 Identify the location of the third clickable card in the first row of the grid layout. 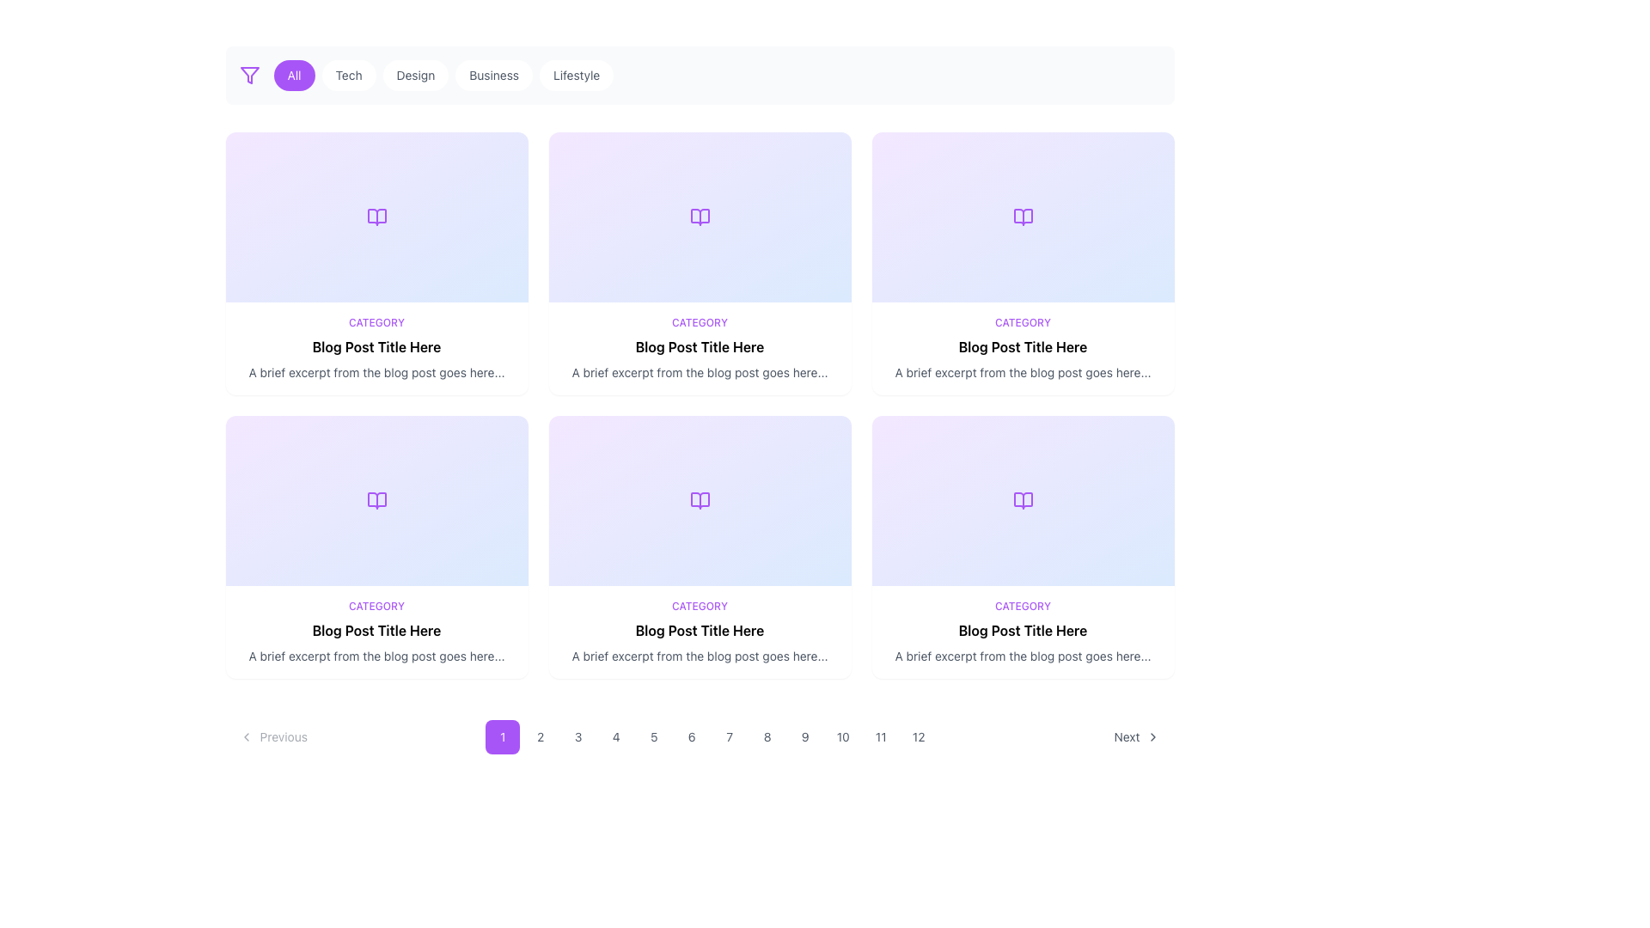
(1023, 264).